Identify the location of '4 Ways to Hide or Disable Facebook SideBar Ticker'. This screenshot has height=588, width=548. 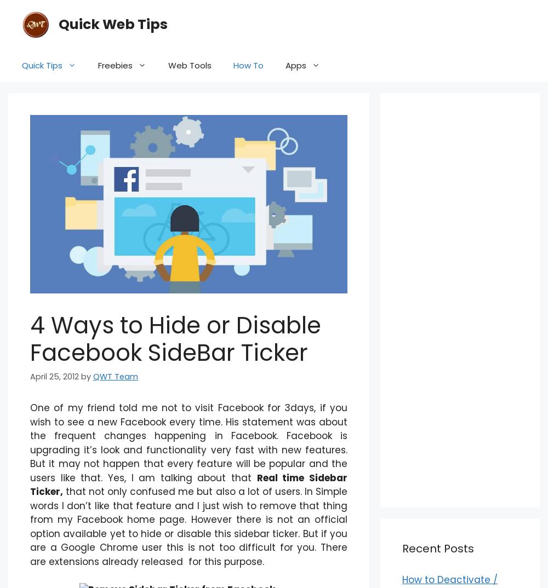
(175, 339).